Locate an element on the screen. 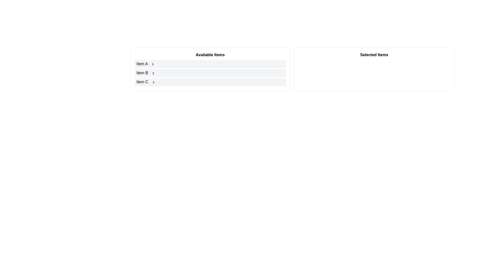  the third interactive list item in the 'Available Items' section is located at coordinates (210, 82).